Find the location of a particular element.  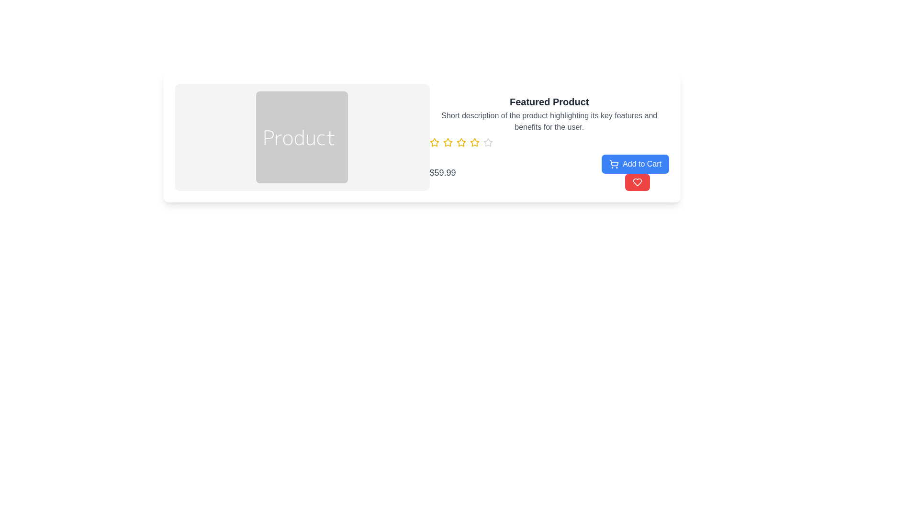

the button that allows users to add a product to their shopping cart is located at coordinates (635, 172).